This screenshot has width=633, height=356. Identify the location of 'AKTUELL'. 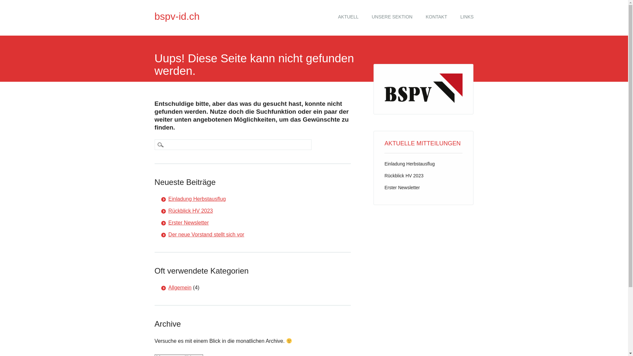
(348, 16).